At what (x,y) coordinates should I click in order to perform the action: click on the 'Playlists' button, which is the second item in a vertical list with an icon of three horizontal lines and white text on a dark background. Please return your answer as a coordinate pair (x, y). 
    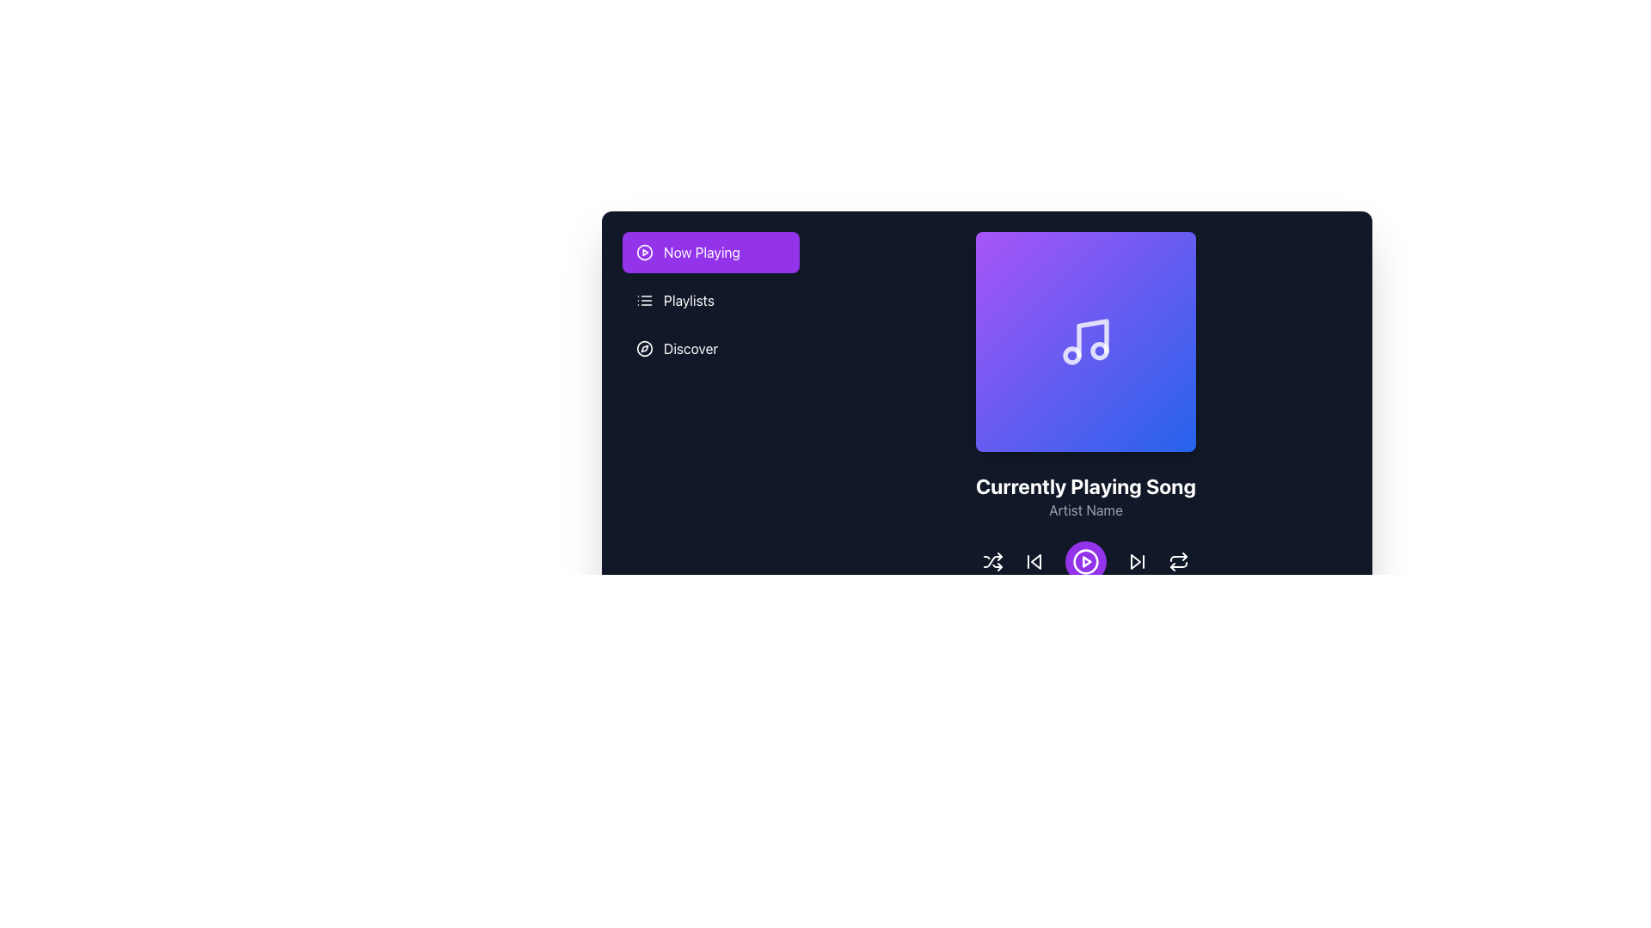
    Looking at the image, I should click on (710, 300).